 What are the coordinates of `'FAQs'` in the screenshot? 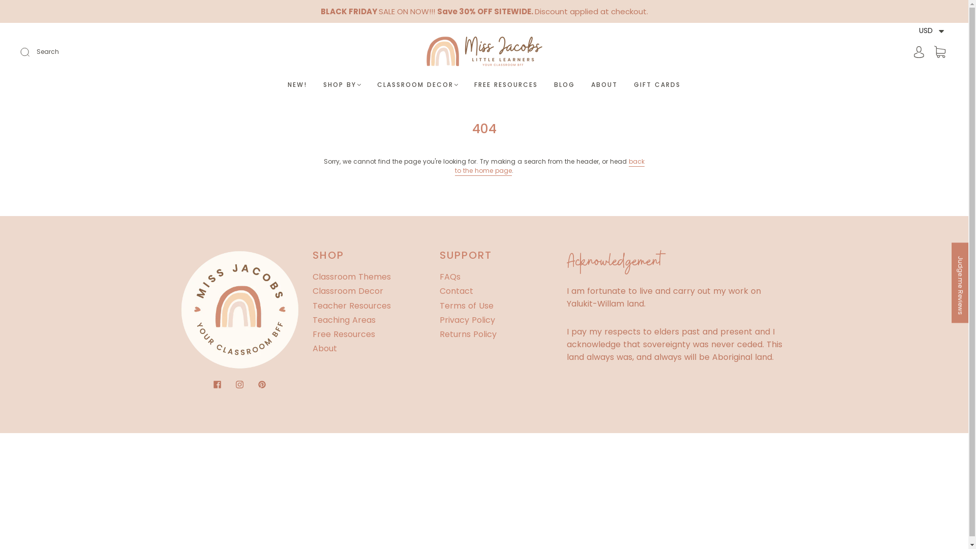 It's located at (449, 277).